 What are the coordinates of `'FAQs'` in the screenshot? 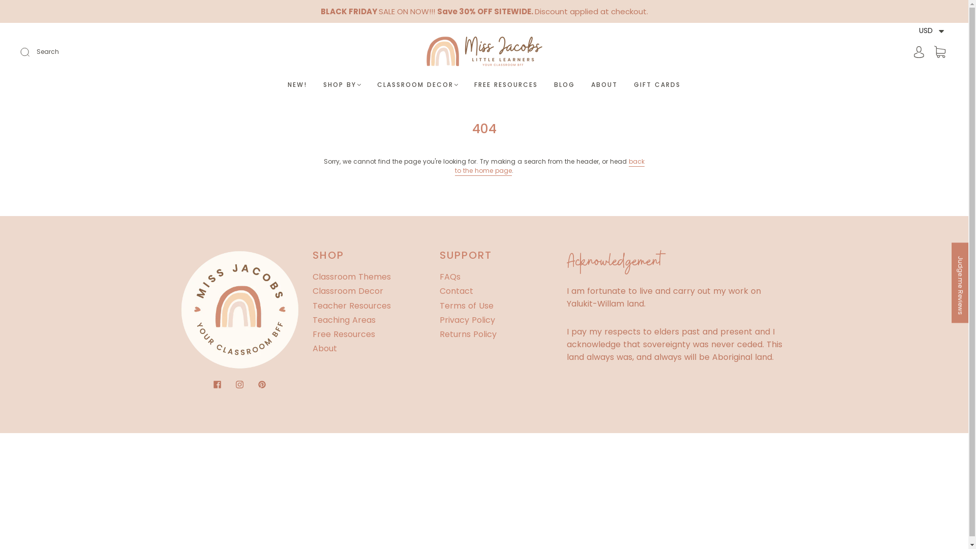 It's located at (449, 277).